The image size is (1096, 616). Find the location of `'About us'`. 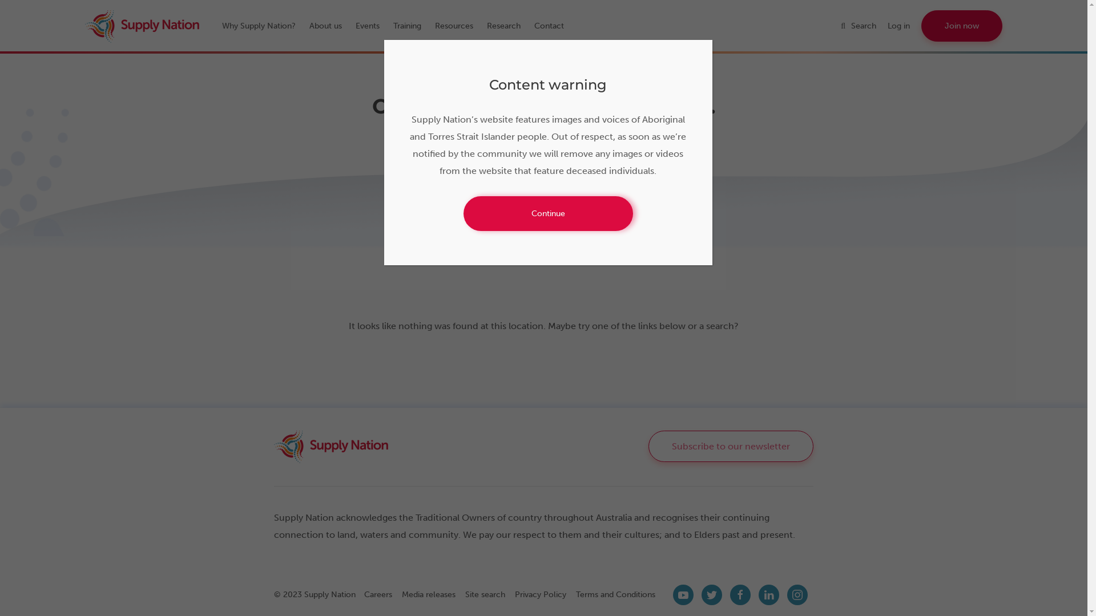

'About us' is located at coordinates (331, 26).